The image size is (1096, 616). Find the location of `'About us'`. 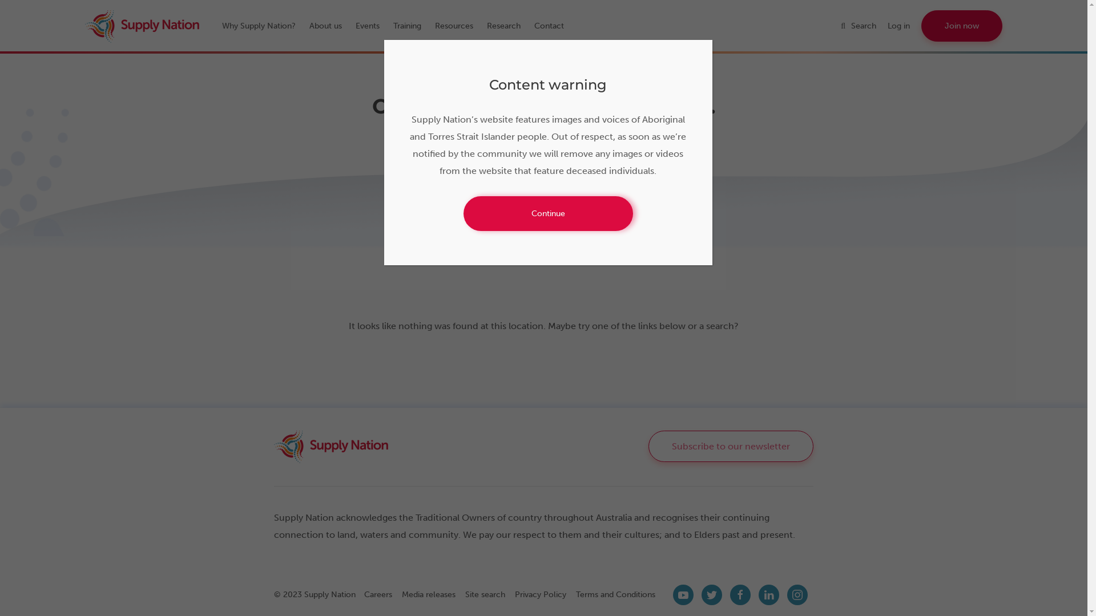

'About us' is located at coordinates (331, 26).